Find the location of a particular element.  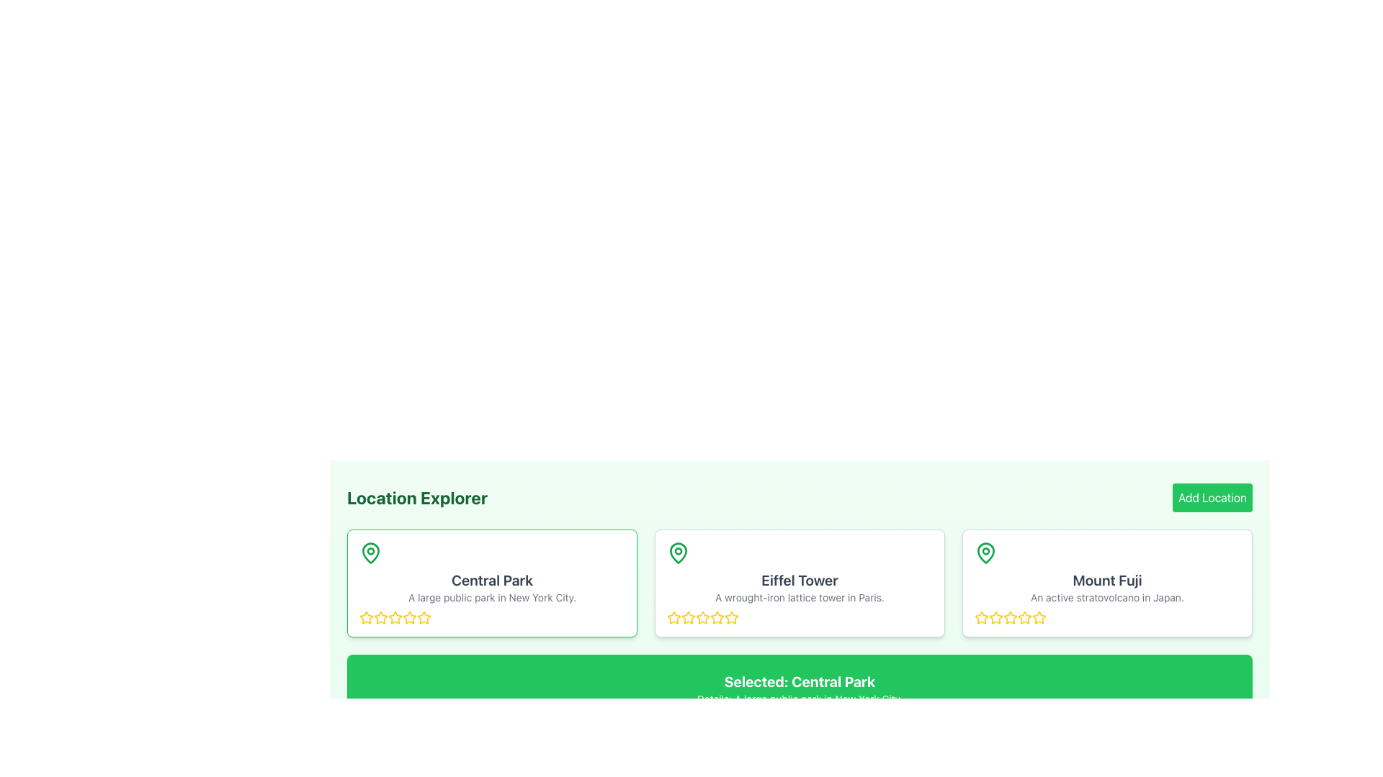

the third star in the five-star rating system for 'Central Park' is located at coordinates (380, 617).